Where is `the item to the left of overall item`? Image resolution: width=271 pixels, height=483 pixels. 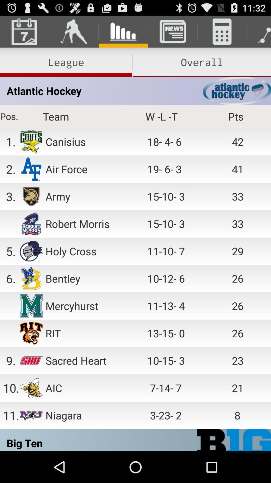 the item to the left of overall item is located at coordinates (66, 62).